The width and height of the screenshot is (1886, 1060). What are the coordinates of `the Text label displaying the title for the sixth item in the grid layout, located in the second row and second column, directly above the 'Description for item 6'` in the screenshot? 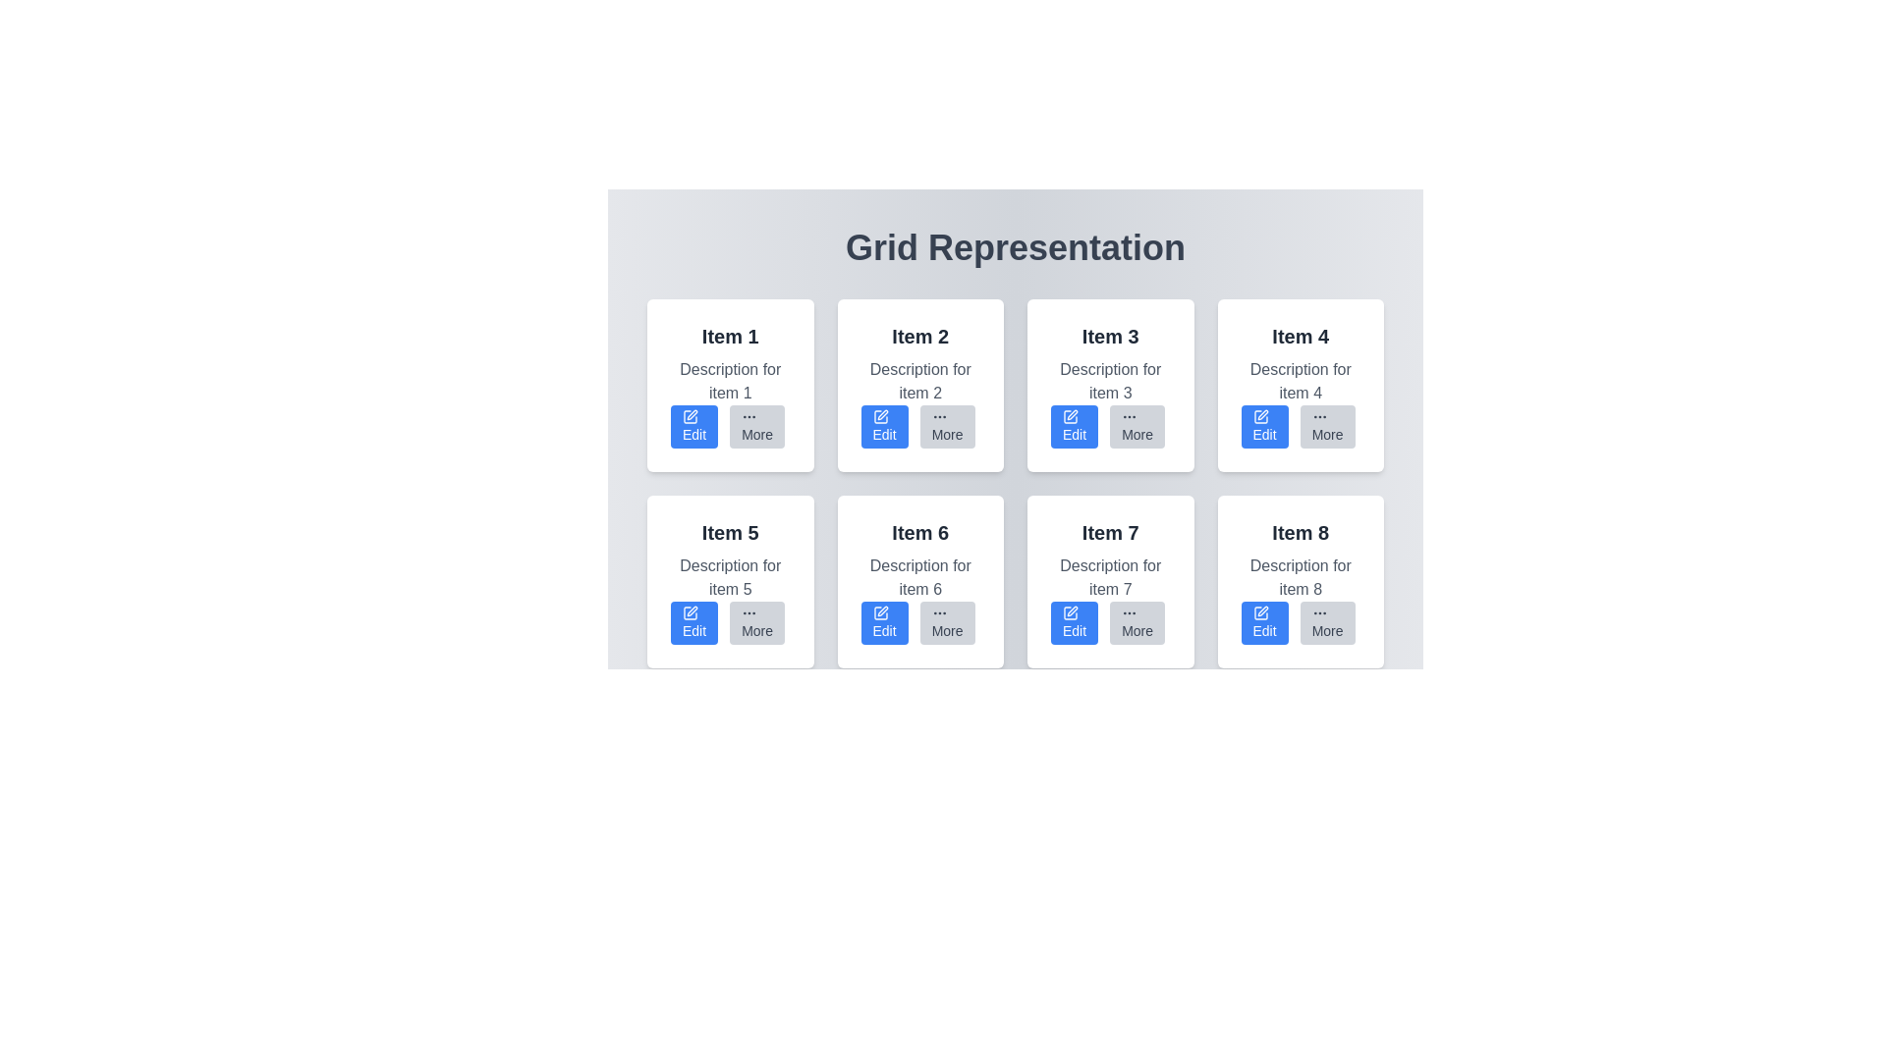 It's located at (919, 533).